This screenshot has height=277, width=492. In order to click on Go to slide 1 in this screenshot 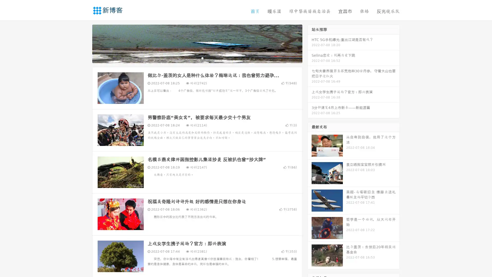, I will do `click(192, 58)`.